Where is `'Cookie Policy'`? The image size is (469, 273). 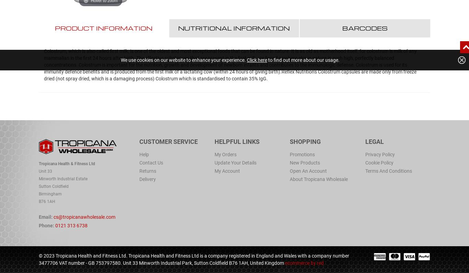 'Cookie Policy' is located at coordinates (379, 162).